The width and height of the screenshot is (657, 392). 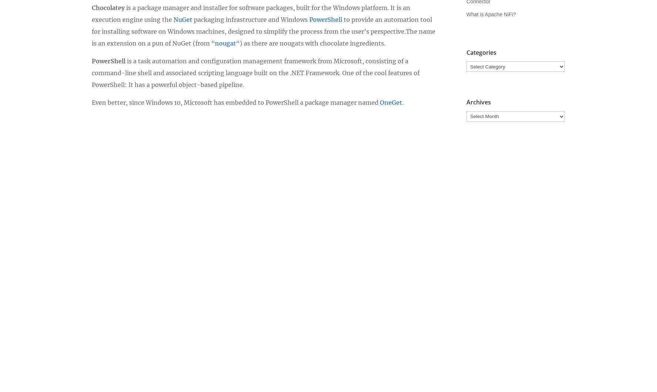 I want to click on 'nougat', so click(x=225, y=42).